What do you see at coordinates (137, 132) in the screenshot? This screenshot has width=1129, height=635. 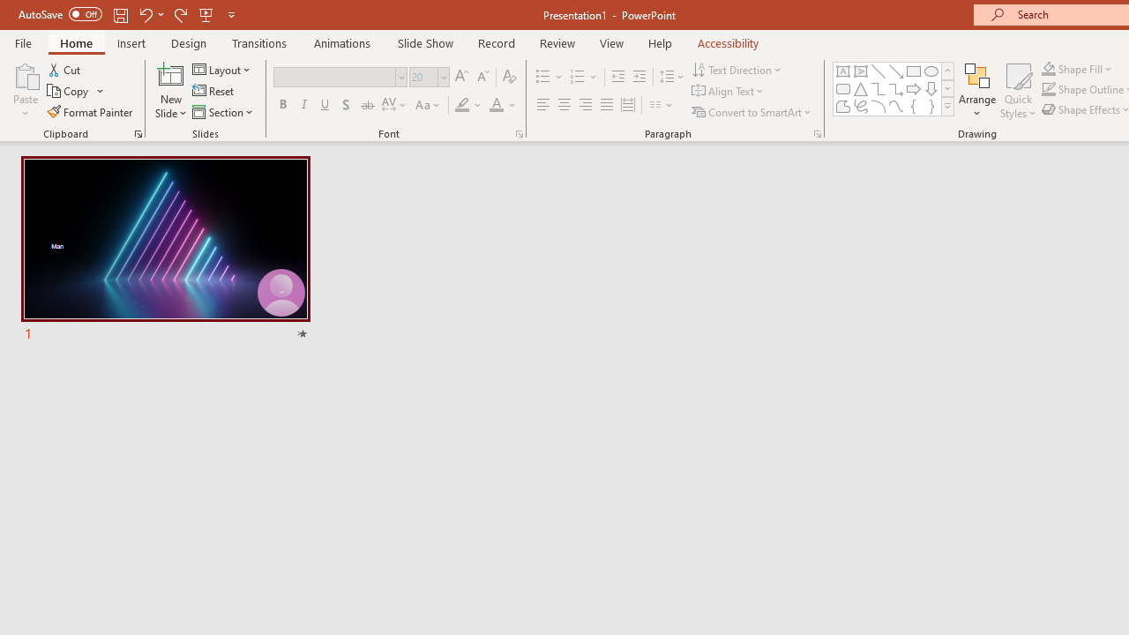 I see `'Office Clipboard...'` at bounding box center [137, 132].